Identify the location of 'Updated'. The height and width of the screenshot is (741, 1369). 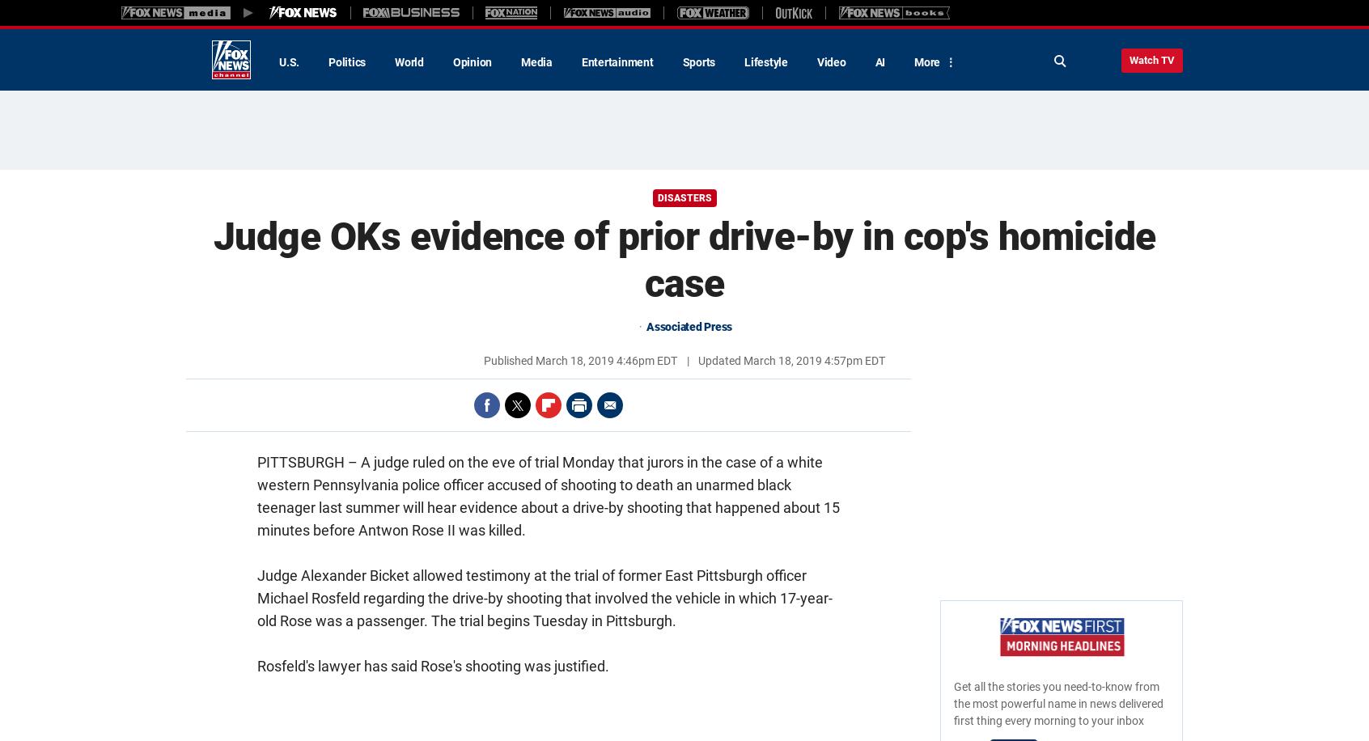
(718, 360).